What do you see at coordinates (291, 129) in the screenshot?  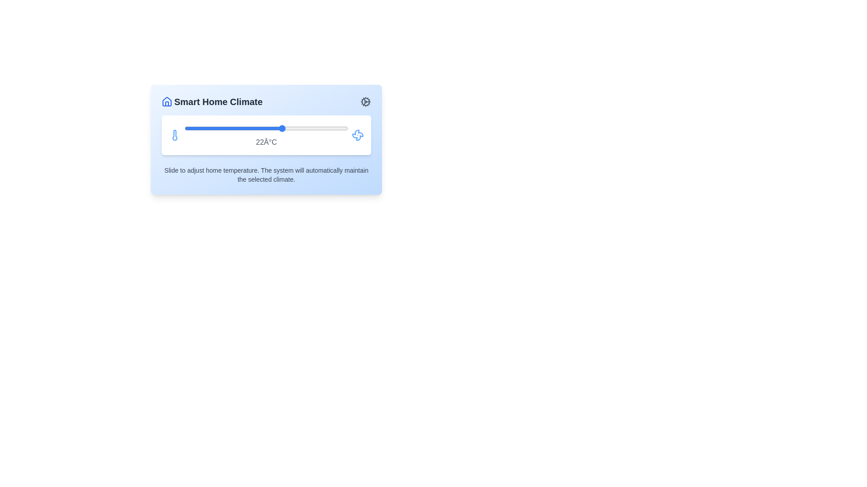 I see `the temperature to 23°C using the slider` at bounding box center [291, 129].